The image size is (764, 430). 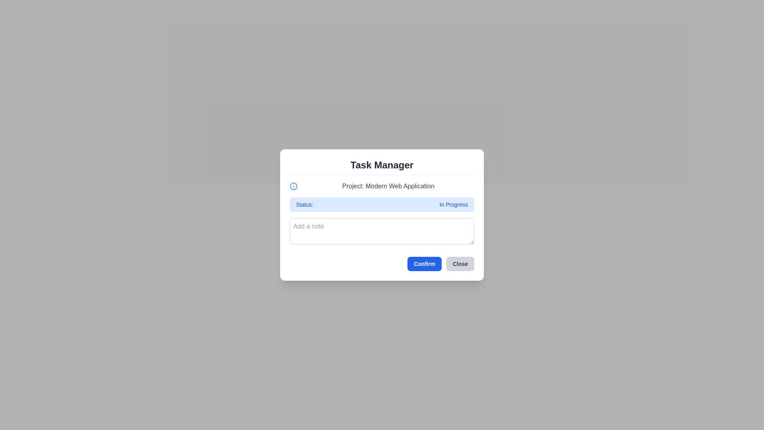 I want to click on the Static Text Label indicating 'Status: In Progress' located in the upper left portion of the modal with a light blue background, so click(x=304, y=204).